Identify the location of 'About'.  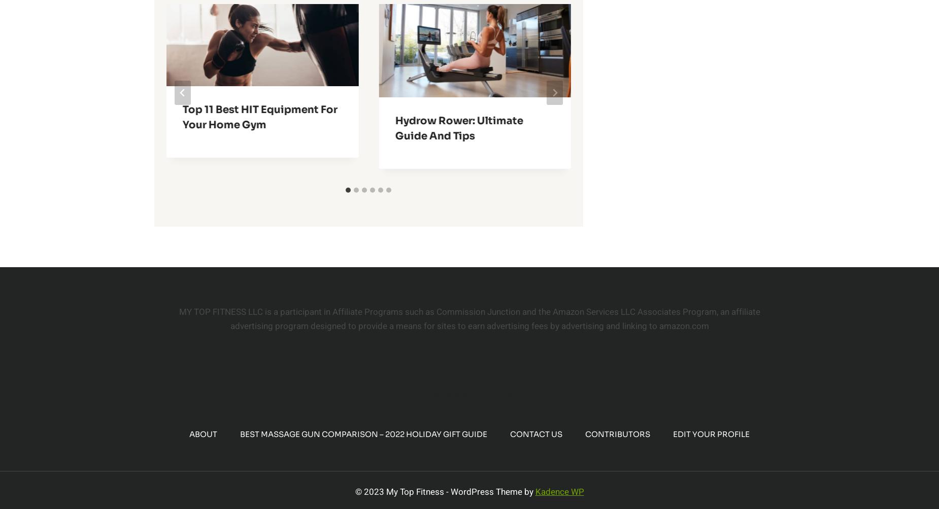
(188, 434).